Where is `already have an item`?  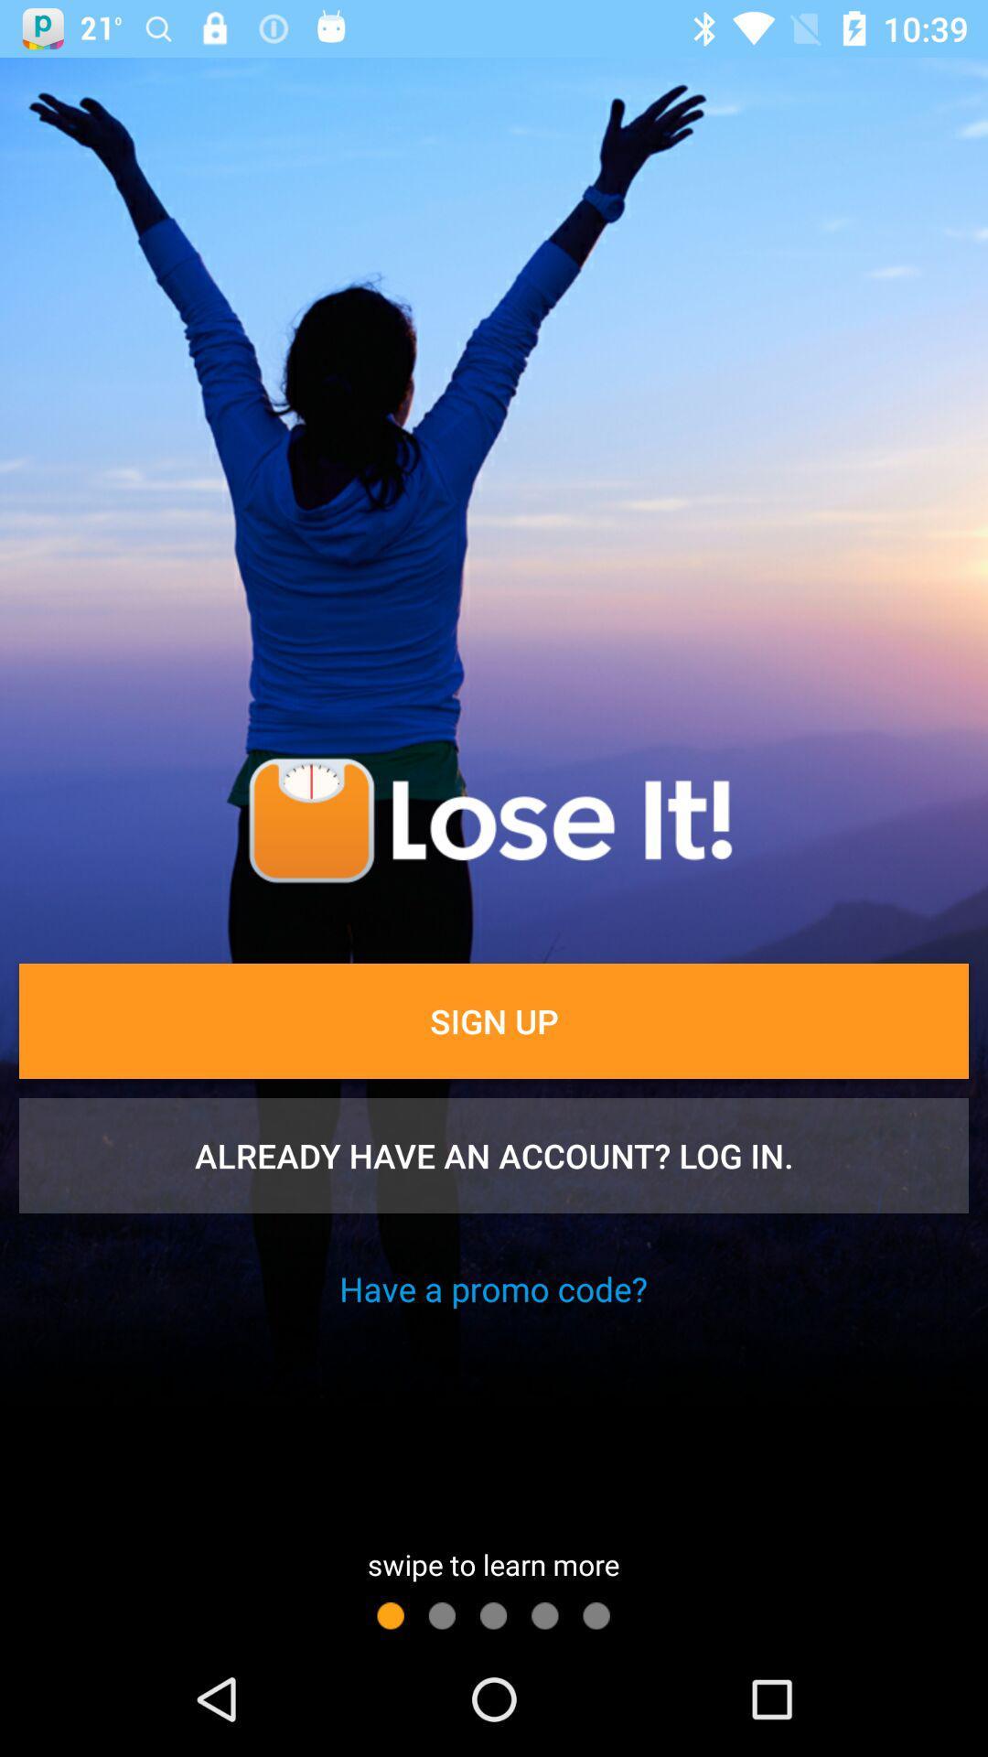 already have an item is located at coordinates (494, 1154).